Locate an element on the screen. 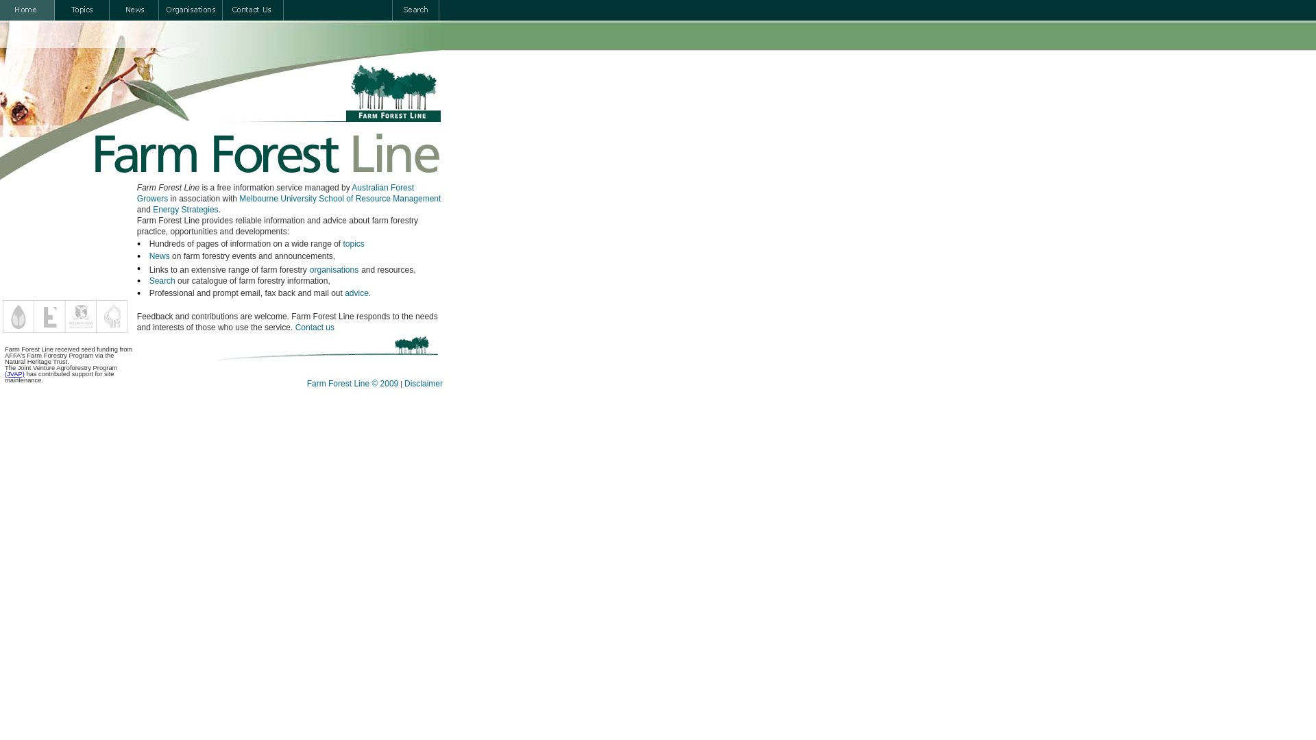 The image size is (1316, 740). 'organisations' is located at coordinates (334, 269).